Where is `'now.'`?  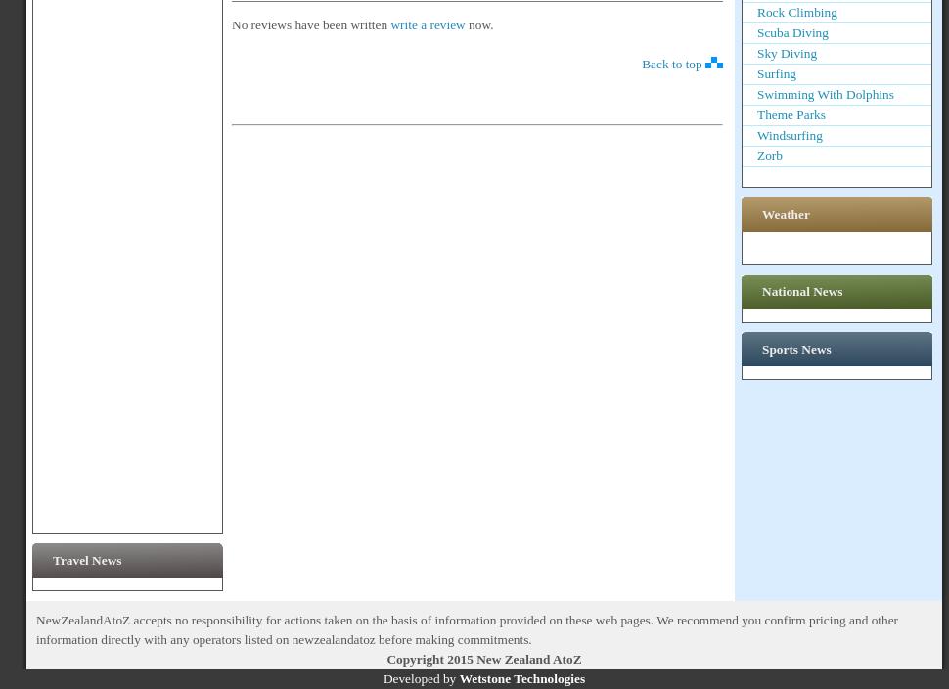
'now.' is located at coordinates (467, 22).